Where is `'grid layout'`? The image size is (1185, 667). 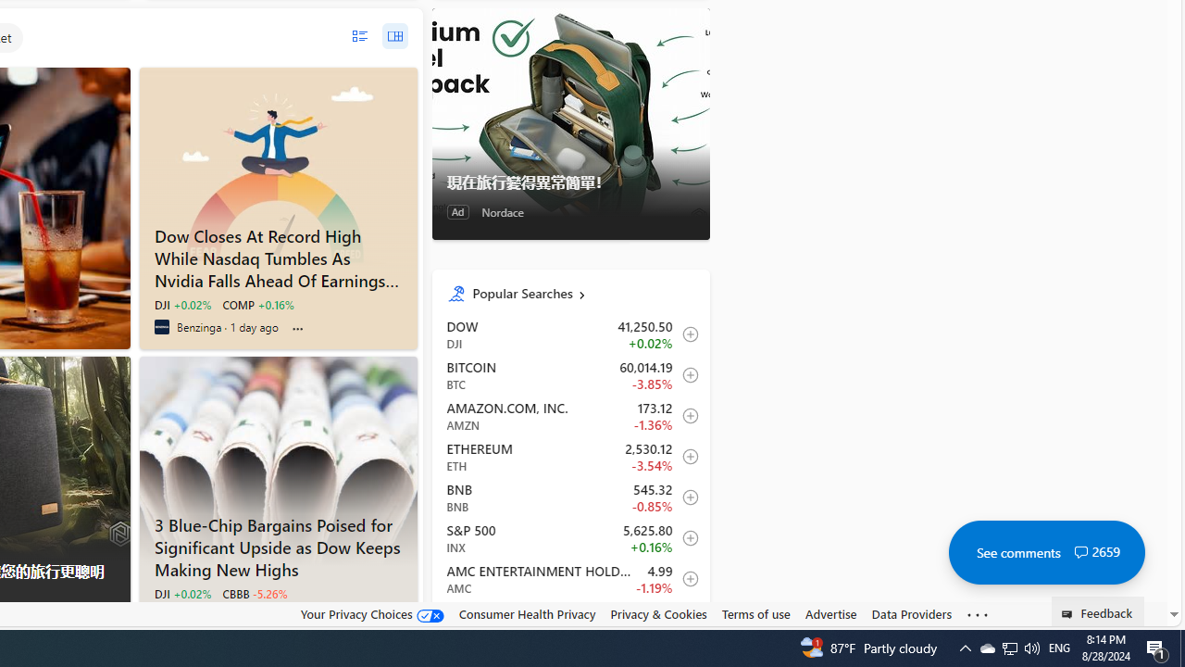 'grid layout' is located at coordinates (393, 36).